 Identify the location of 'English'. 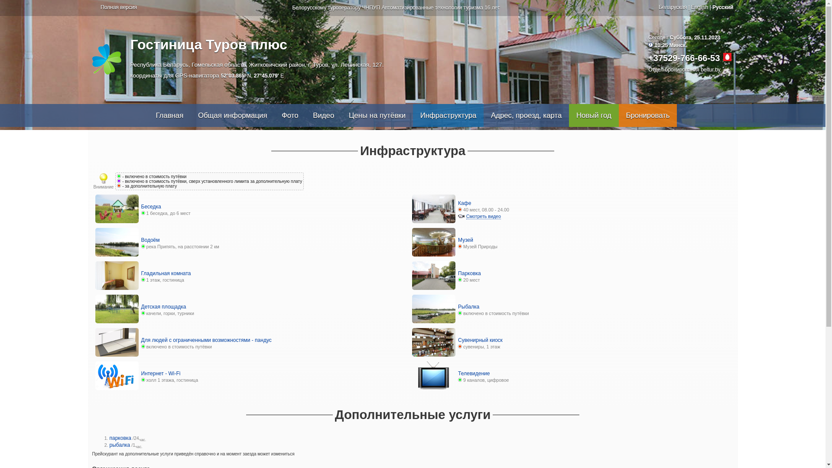
(699, 7).